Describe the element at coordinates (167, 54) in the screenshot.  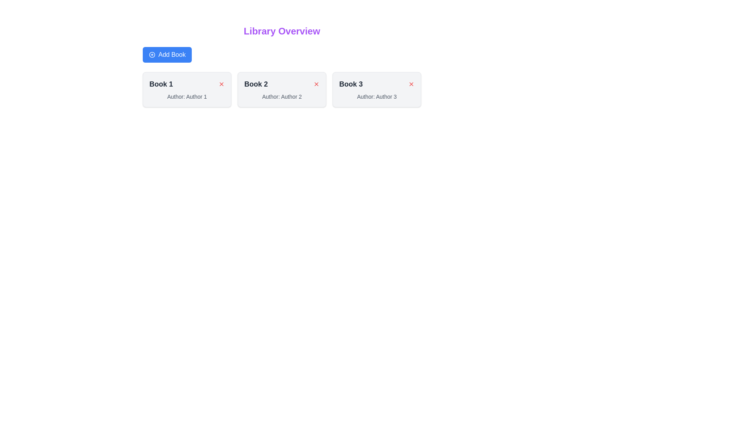
I see `the blue rectangular button labeled 'Add Book' with a plus sign icon` at that location.